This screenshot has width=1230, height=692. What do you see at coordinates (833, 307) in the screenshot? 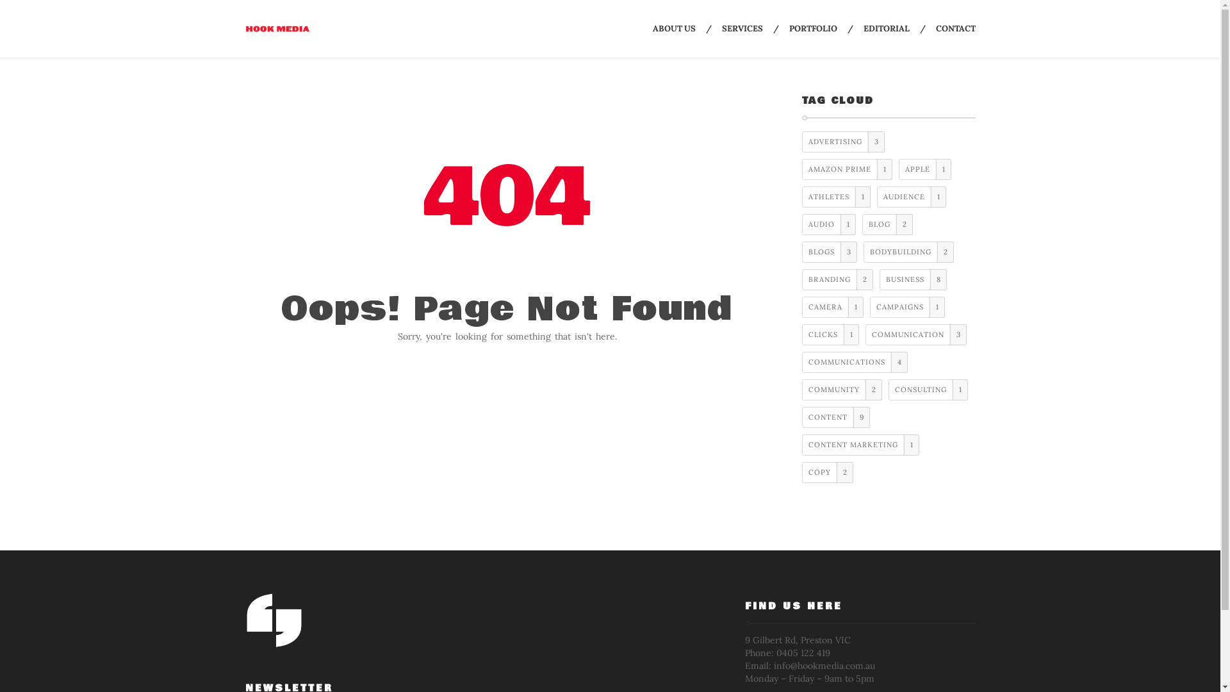
I see `'CAMERA1'` at bounding box center [833, 307].